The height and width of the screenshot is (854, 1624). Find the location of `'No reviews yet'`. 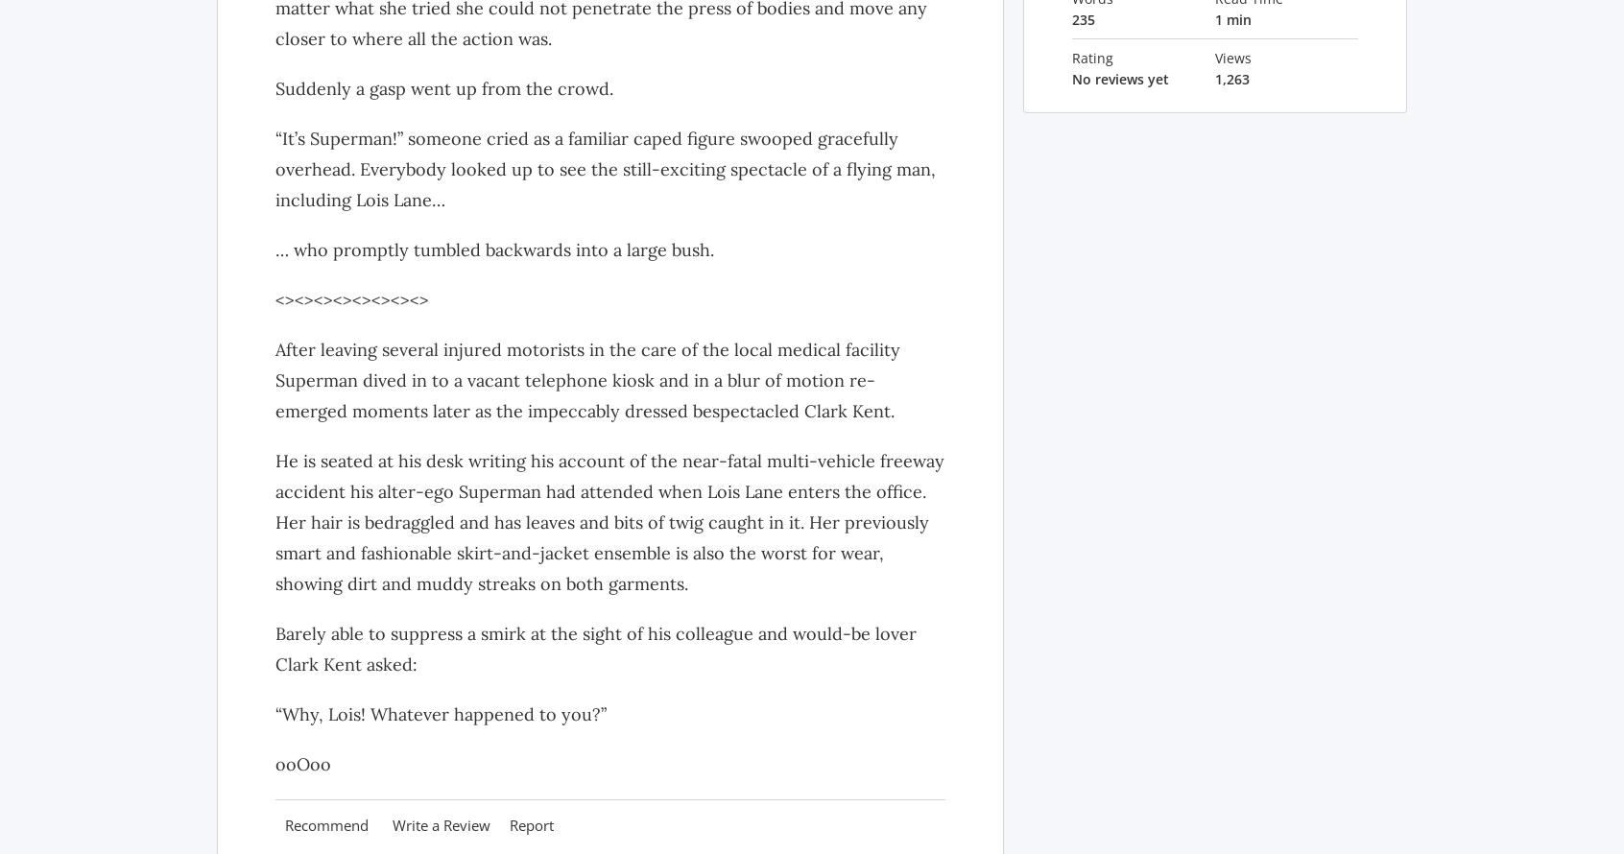

'No reviews yet' is located at coordinates (1118, 78).